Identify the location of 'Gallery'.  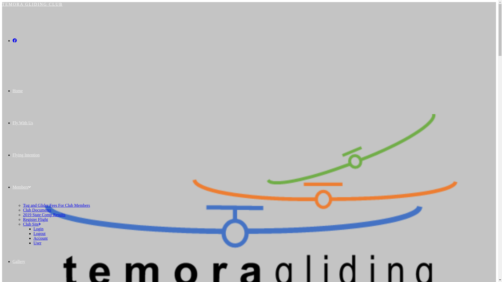
(19, 261).